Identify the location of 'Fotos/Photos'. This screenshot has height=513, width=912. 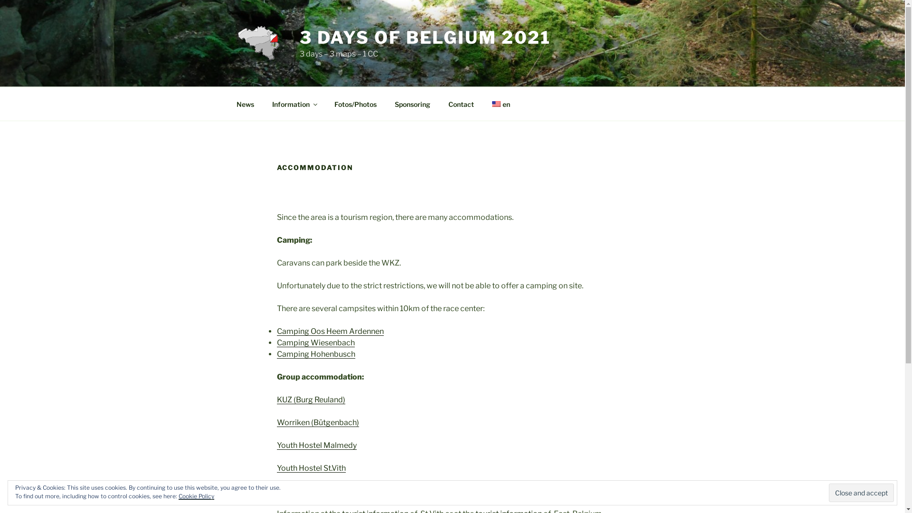
(355, 104).